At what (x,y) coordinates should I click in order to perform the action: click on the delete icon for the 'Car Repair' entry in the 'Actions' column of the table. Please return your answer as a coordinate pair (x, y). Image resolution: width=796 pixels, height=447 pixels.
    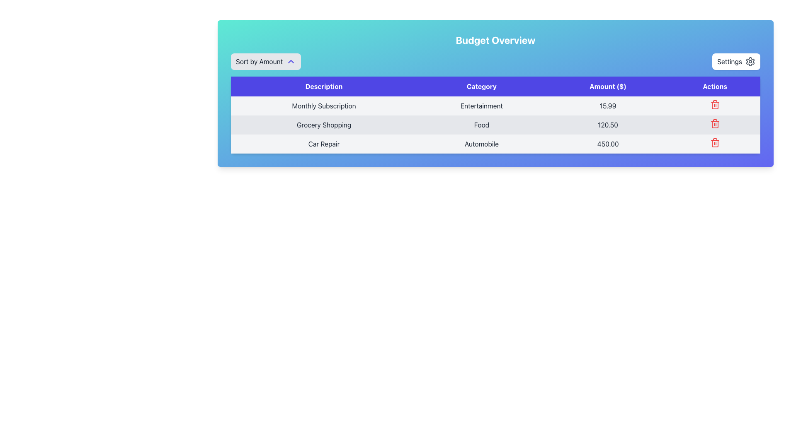
    Looking at the image, I should click on (714, 105).